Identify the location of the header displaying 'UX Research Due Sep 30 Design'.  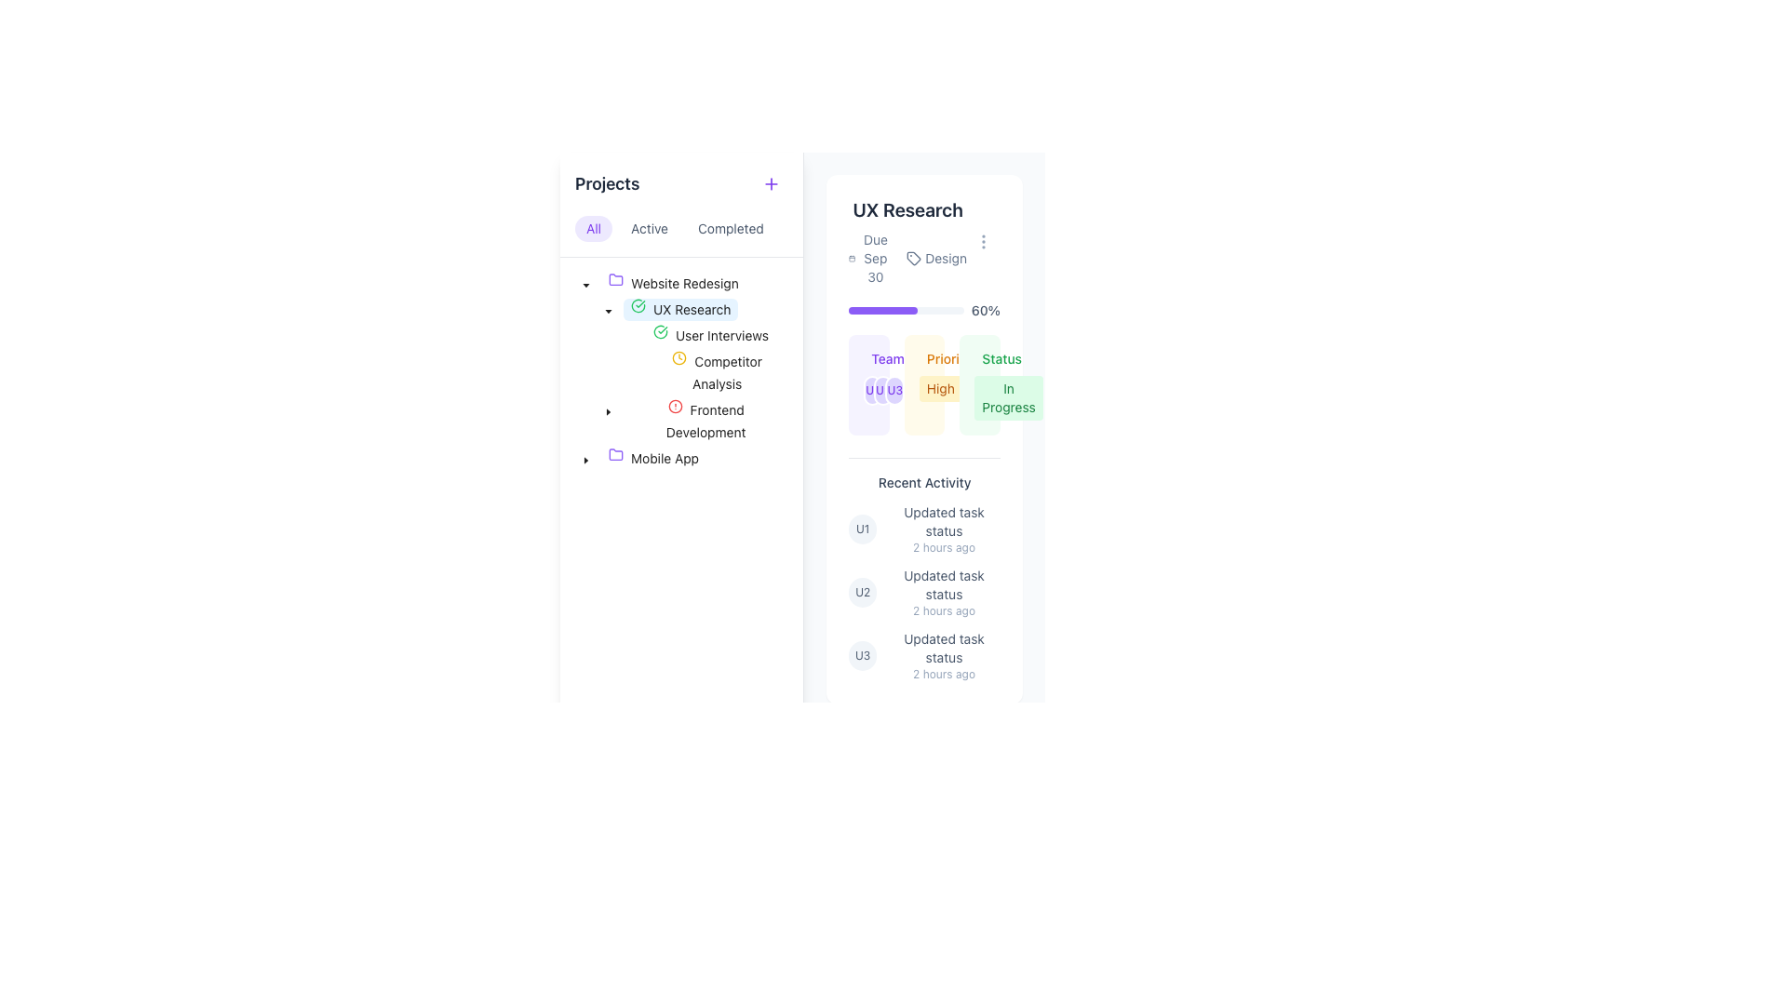
(907, 240).